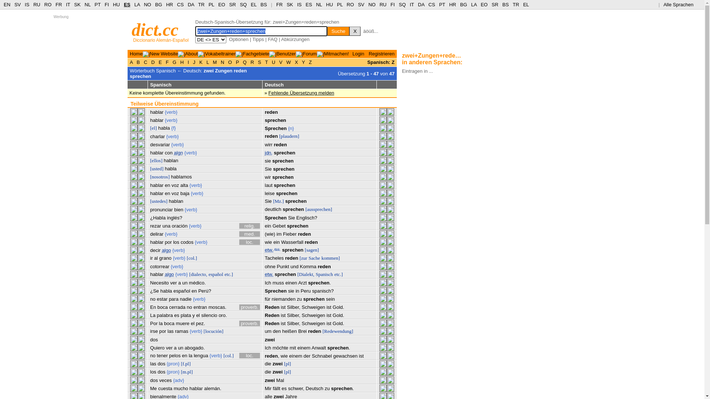 The image size is (710, 399). What do you see at coordinates (338, 31) in the screenshot?
I see `'Suche'` at bounding box center [338, 31].